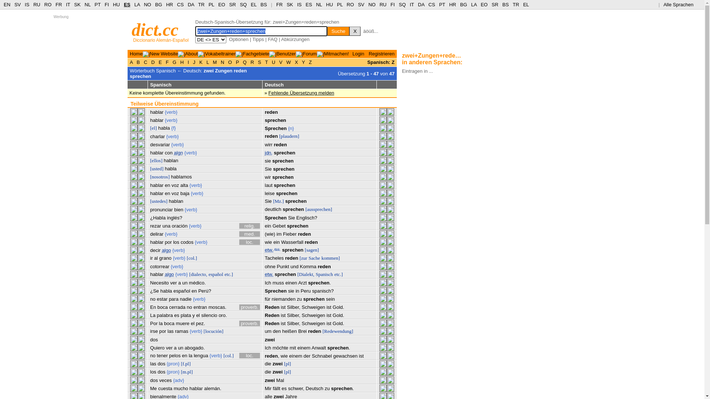 The image size is (710, 399). What do you see at coordinates (338, 31) in the screenshot?
I see `'Suche'` at bounding box center [338, 31].